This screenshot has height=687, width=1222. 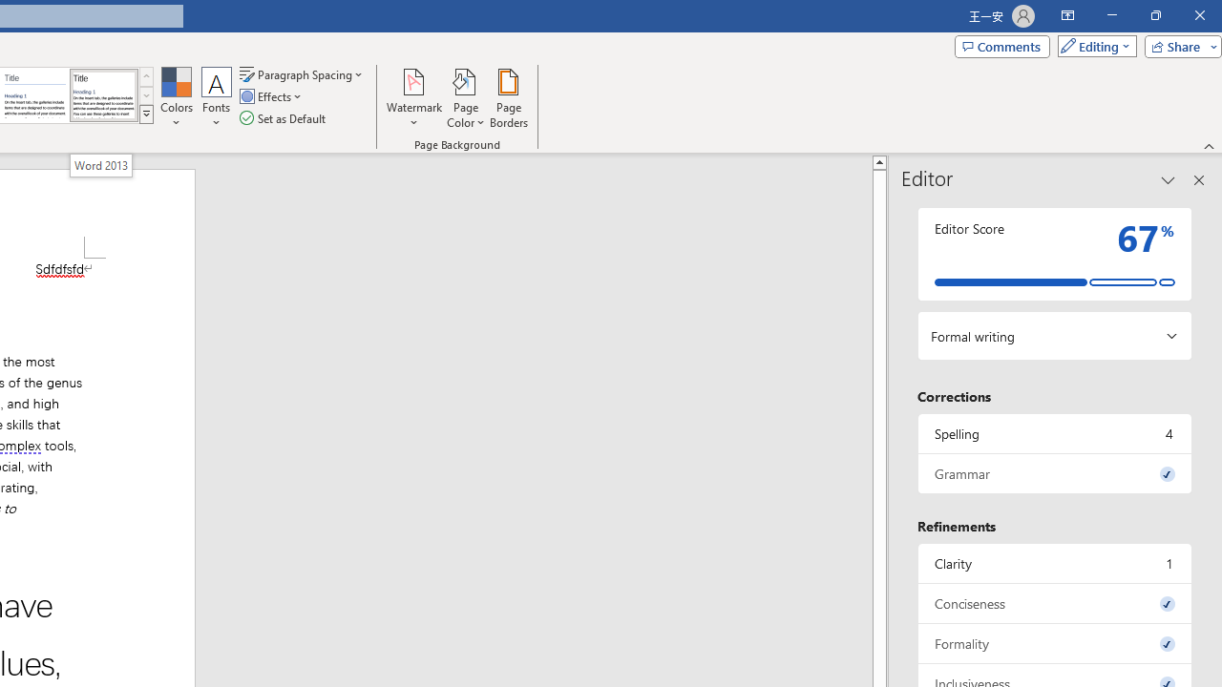 What do you see at coordinates (509, 98) in the screenshot?
I see `'Page Borders...'` at bounding box center [509, 98].